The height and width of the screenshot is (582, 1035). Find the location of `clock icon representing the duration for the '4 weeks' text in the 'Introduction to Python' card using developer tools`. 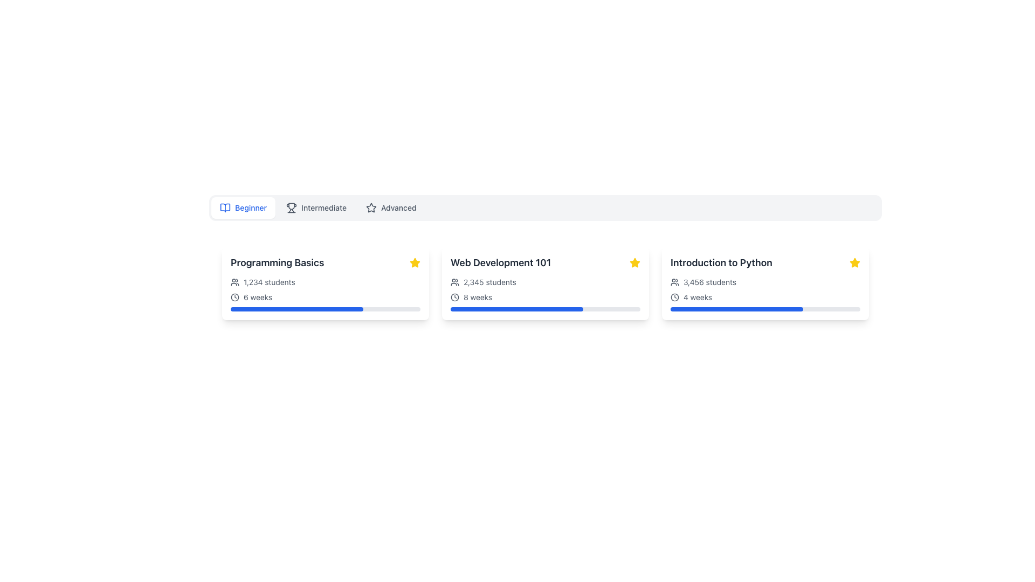

clock icon representing the duration for the '4 weeks' text in the 'Introduction to Python' card using developer tools is located at coordinates (674, 297).